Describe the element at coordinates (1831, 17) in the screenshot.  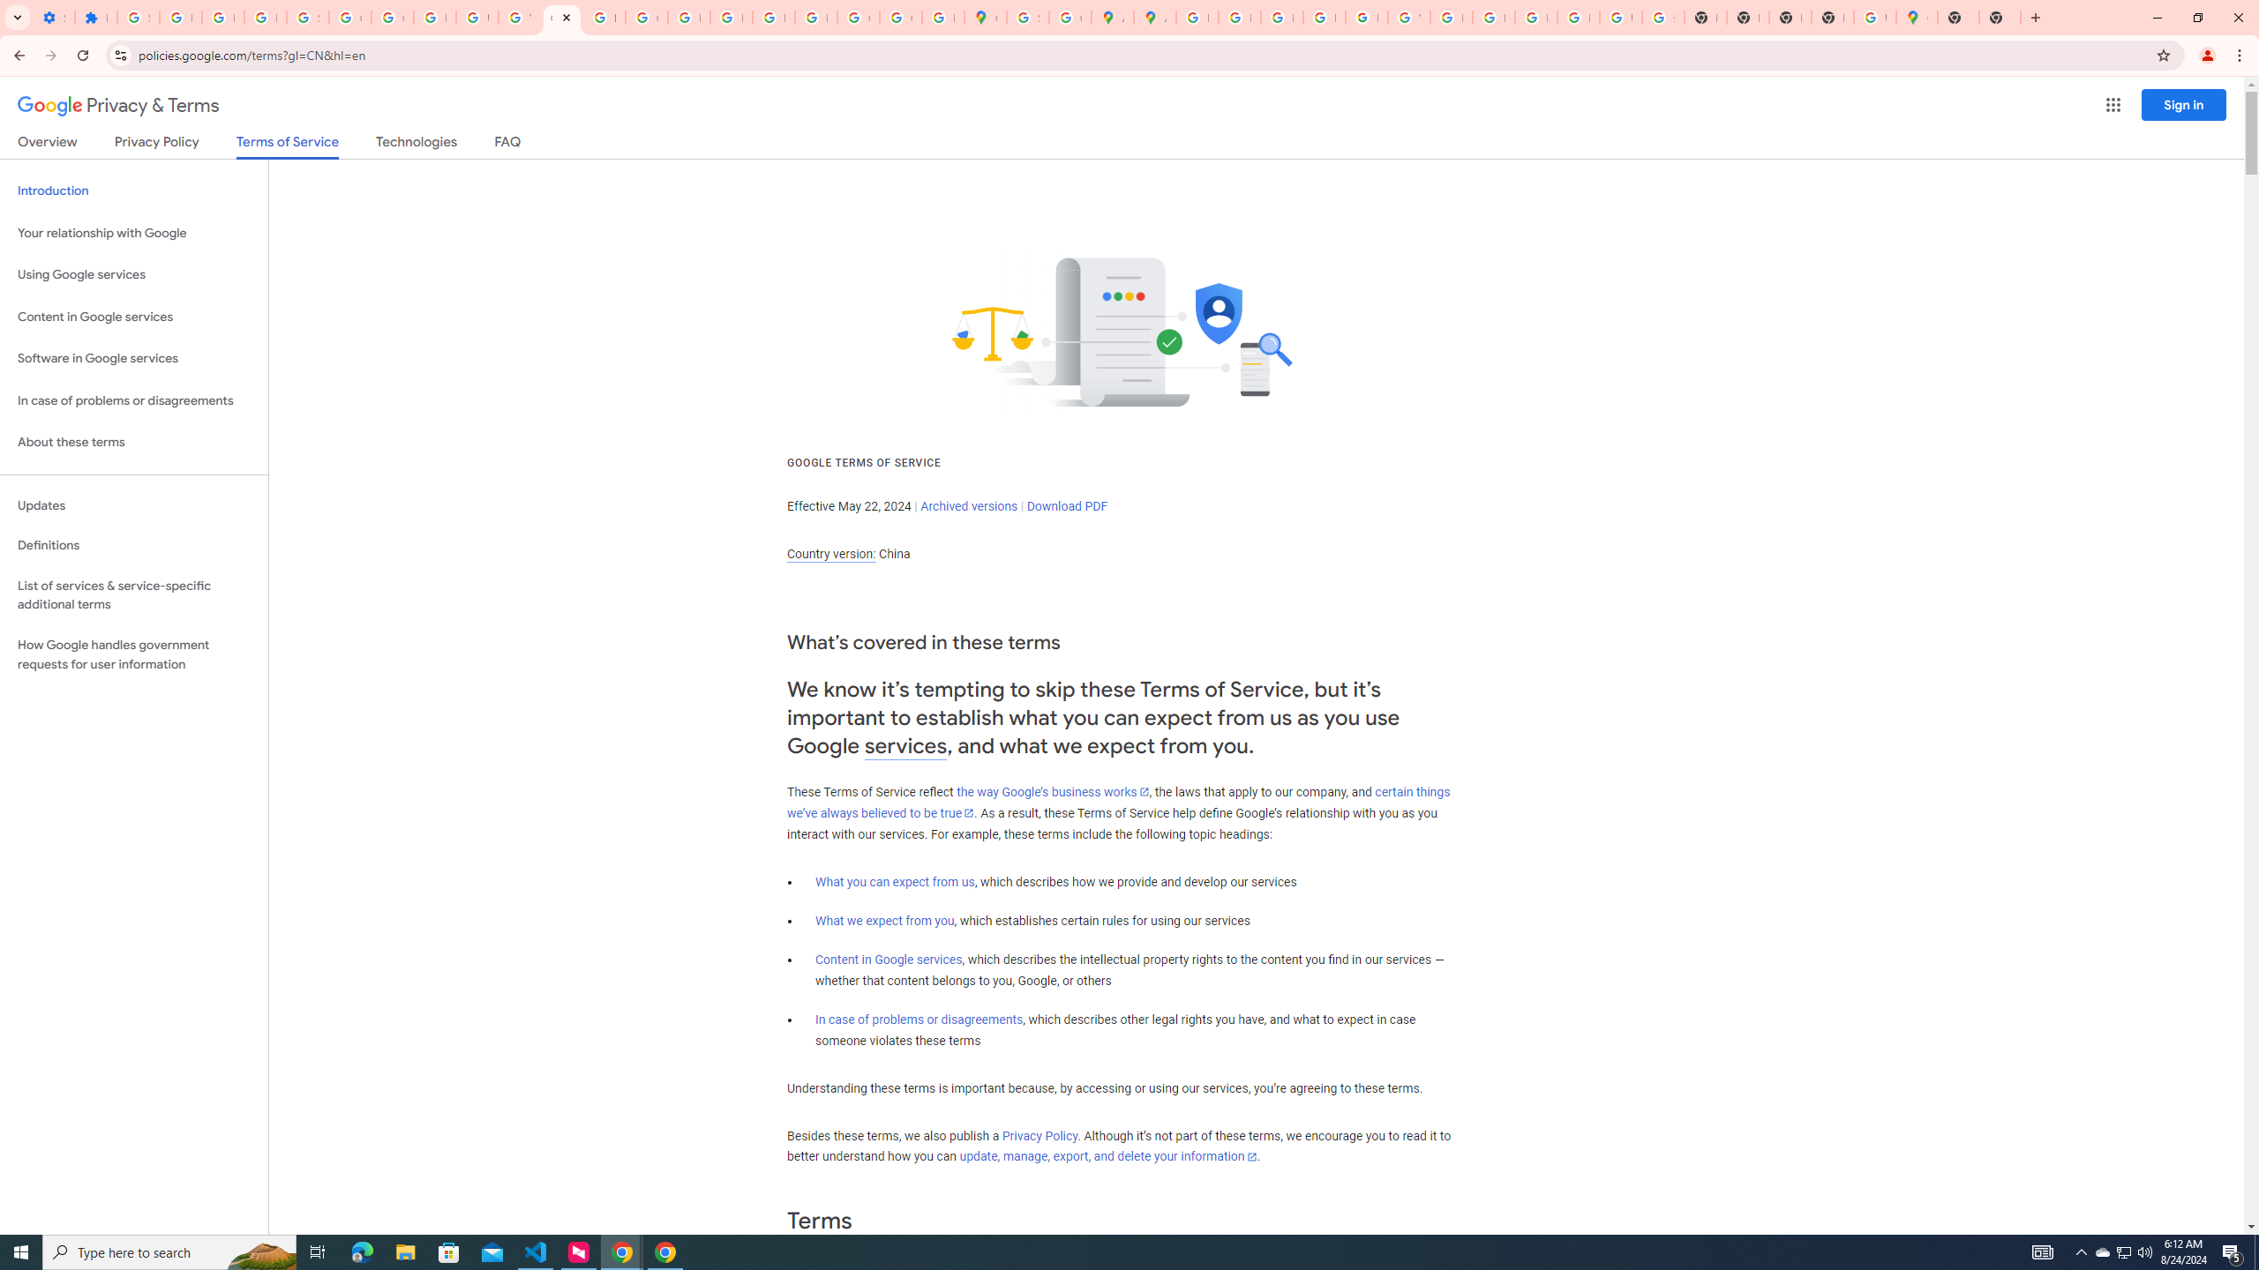
I see `'New Tab'` at that location.